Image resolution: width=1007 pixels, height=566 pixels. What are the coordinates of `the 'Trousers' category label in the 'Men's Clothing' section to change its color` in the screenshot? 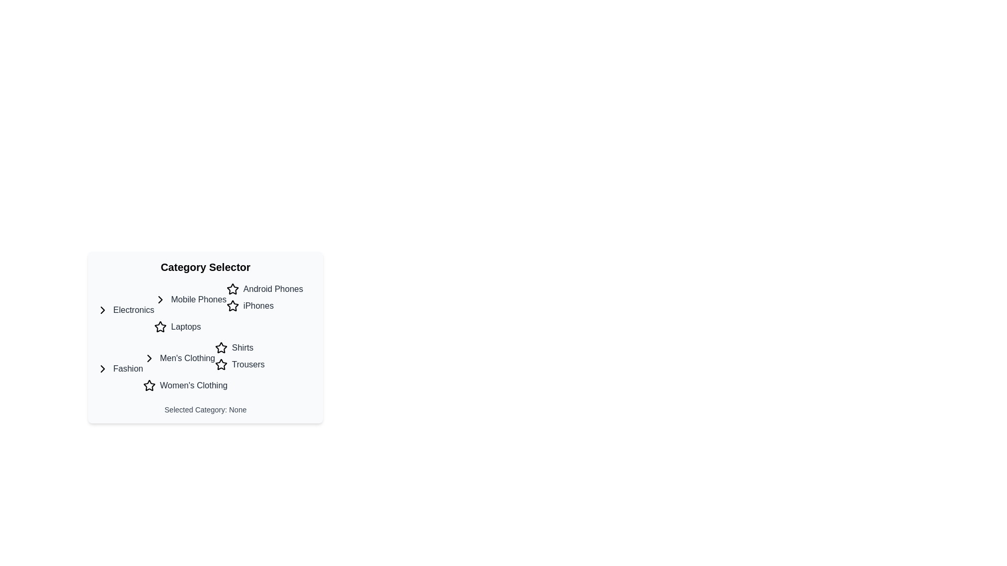 It's located at (248, 364).